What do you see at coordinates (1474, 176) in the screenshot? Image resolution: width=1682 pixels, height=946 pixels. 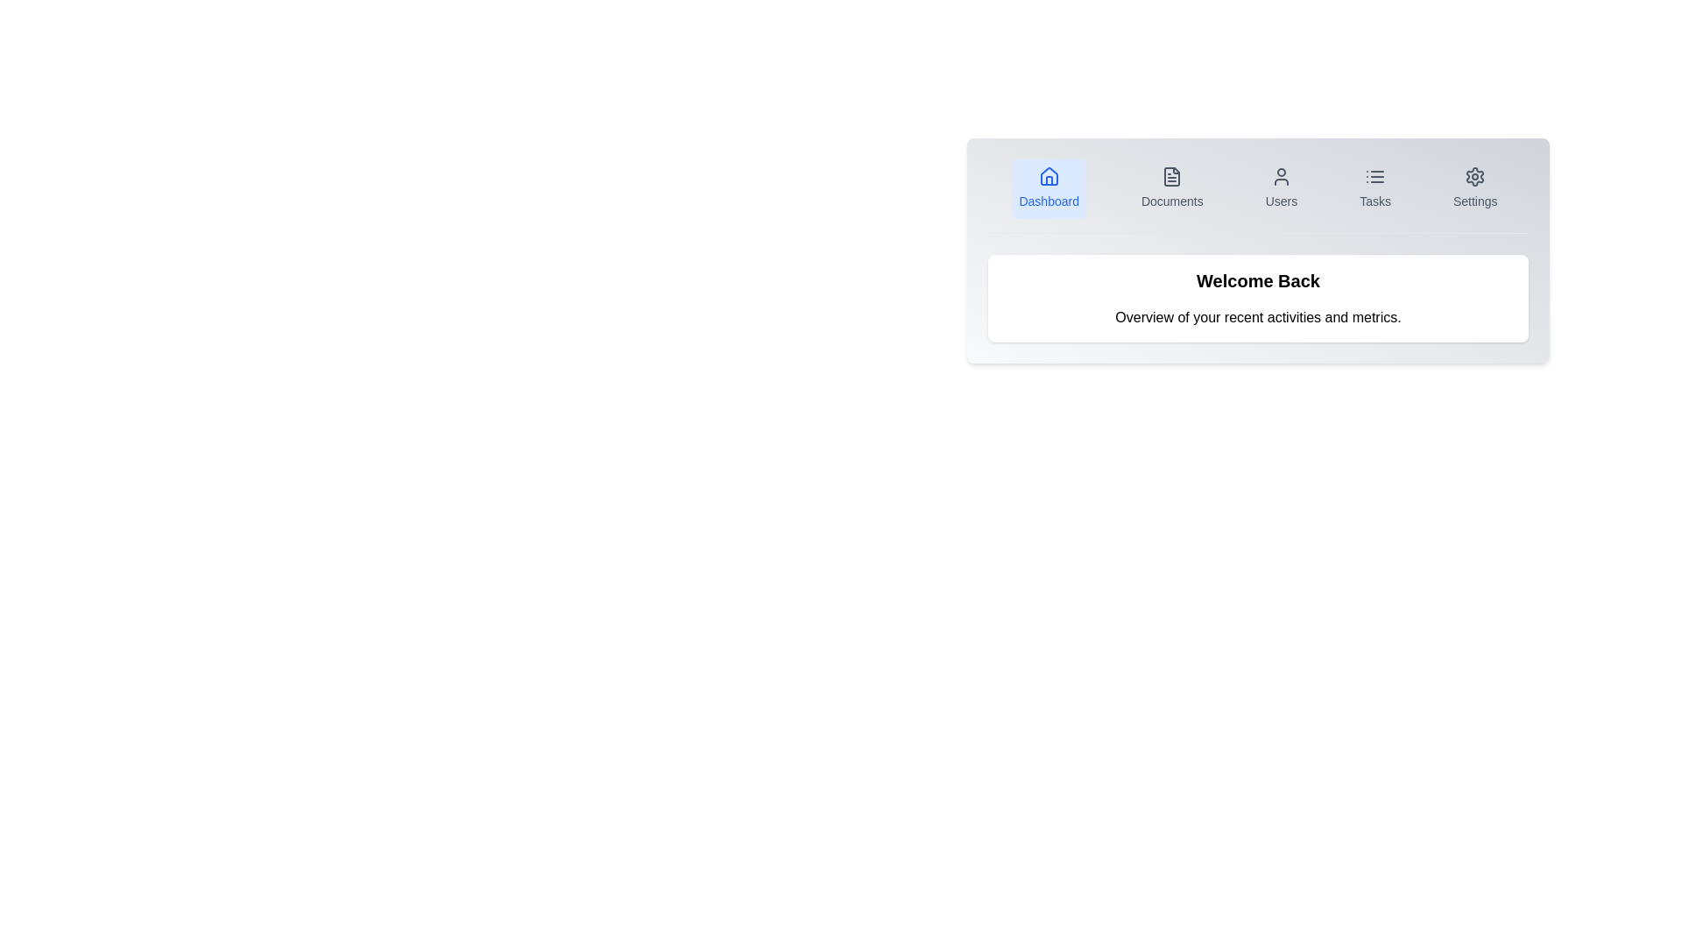 I see `the settings icon located in the top-right corner of the navigation bar` at bounding box center [1474, 176].